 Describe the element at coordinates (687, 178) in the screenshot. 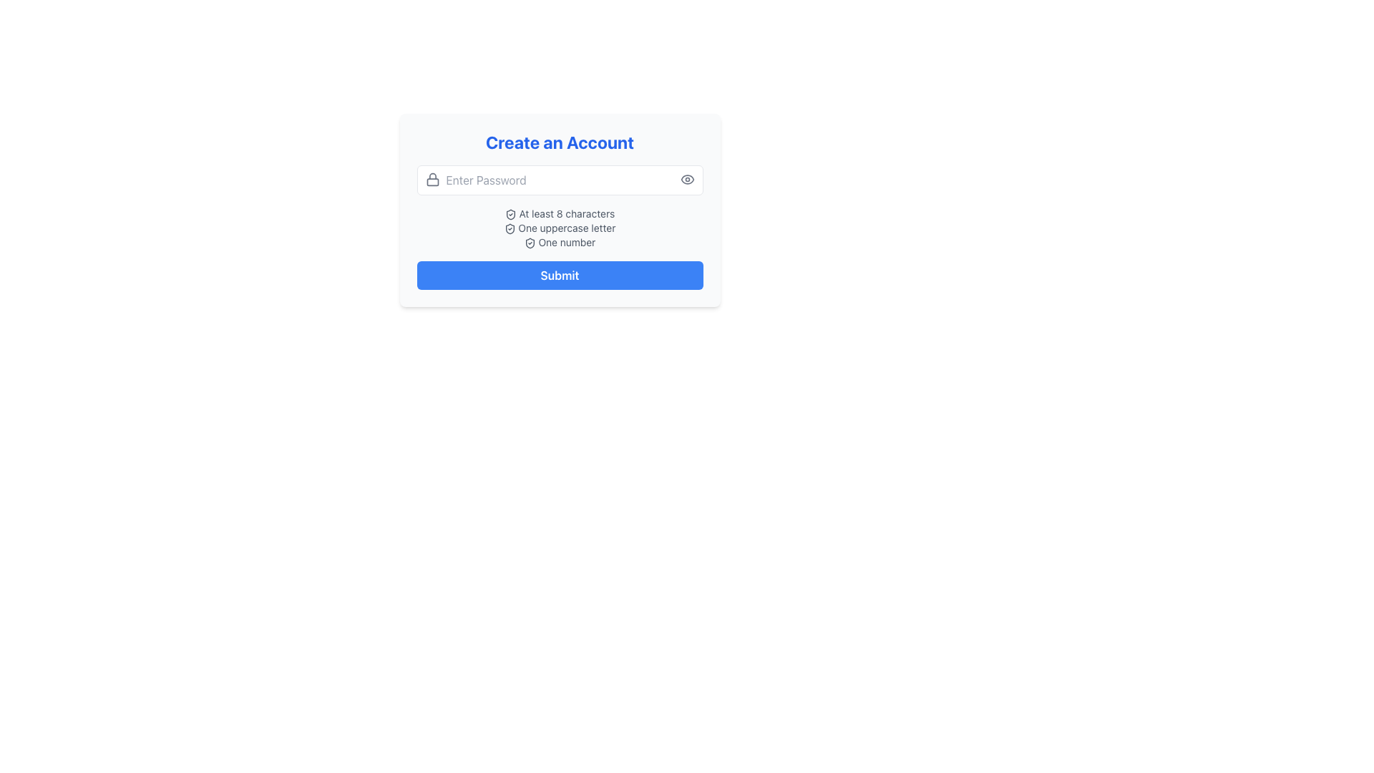

I see `the eye-shaped icon button used for toggling password visibility in the 'Create an Account' form` at that location.